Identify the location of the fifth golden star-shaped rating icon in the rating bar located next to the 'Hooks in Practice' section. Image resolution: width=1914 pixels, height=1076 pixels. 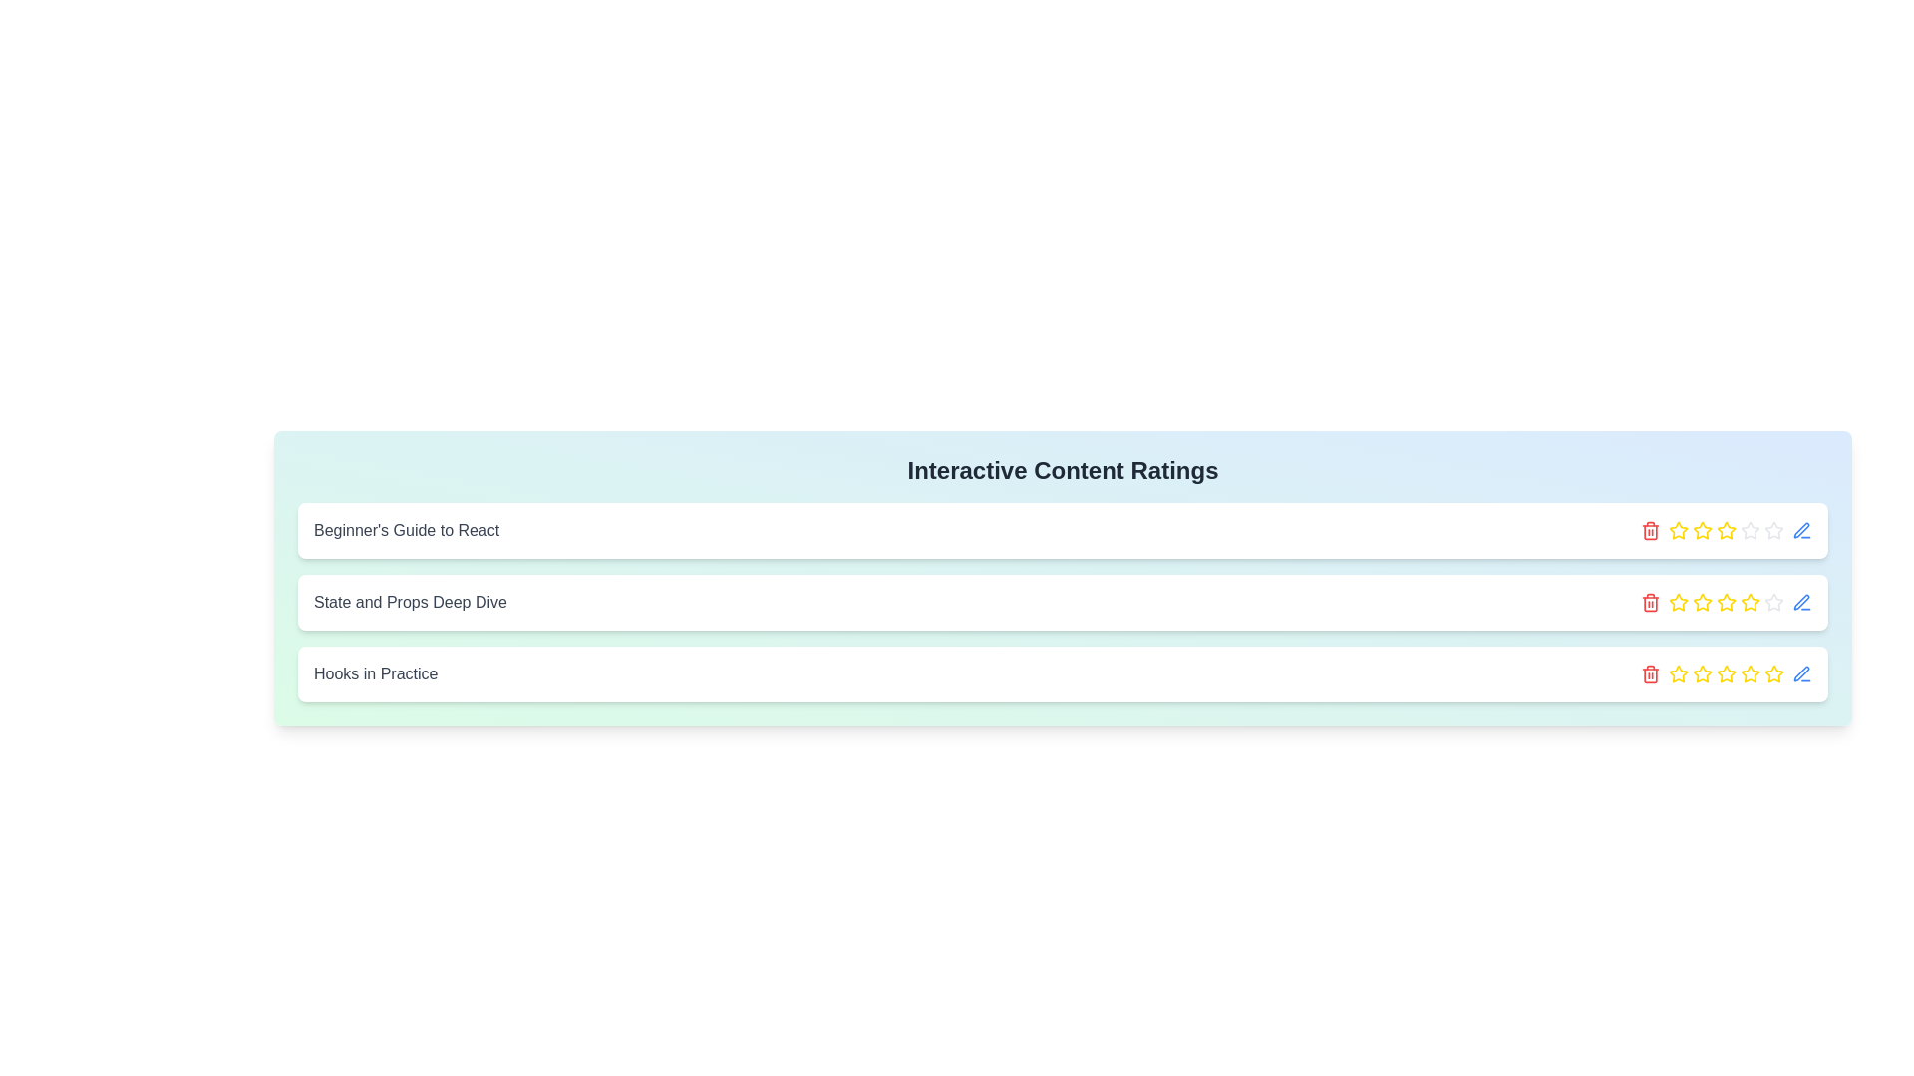
(1750, 673).